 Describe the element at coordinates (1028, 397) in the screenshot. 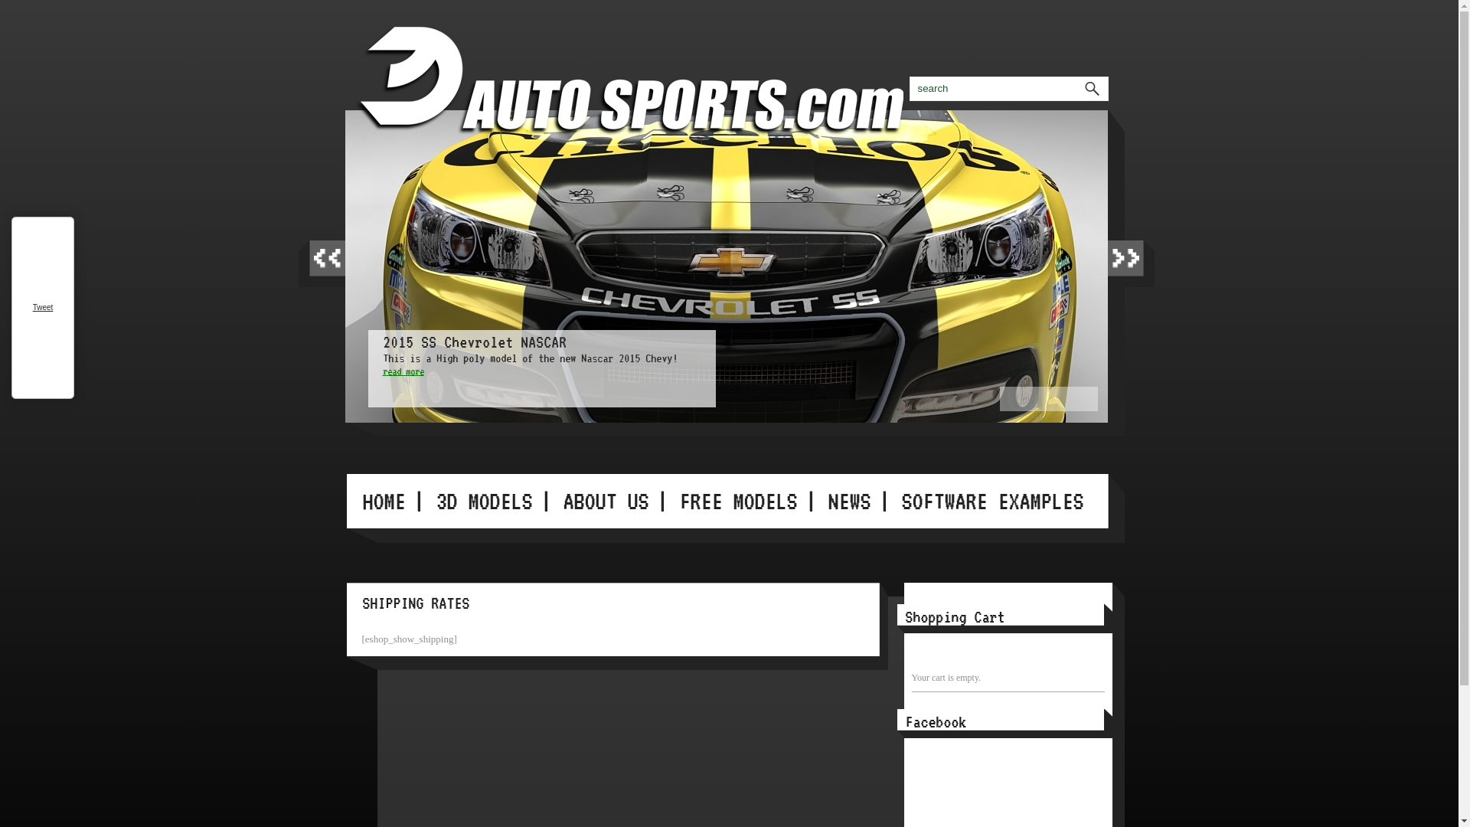

I see `'2'` at that location.